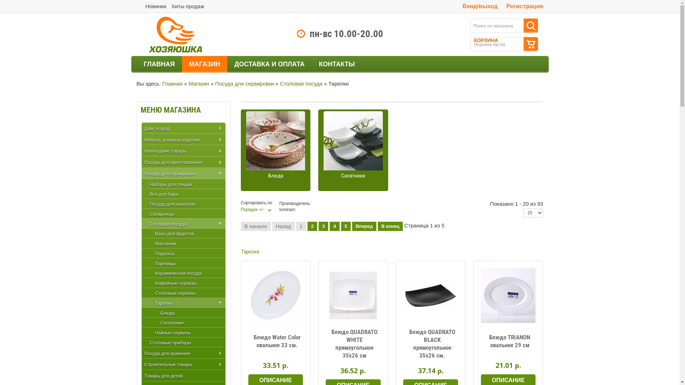 The width and height of the screenshot is (685, 385). I want to click on '5', so click(346, 226).